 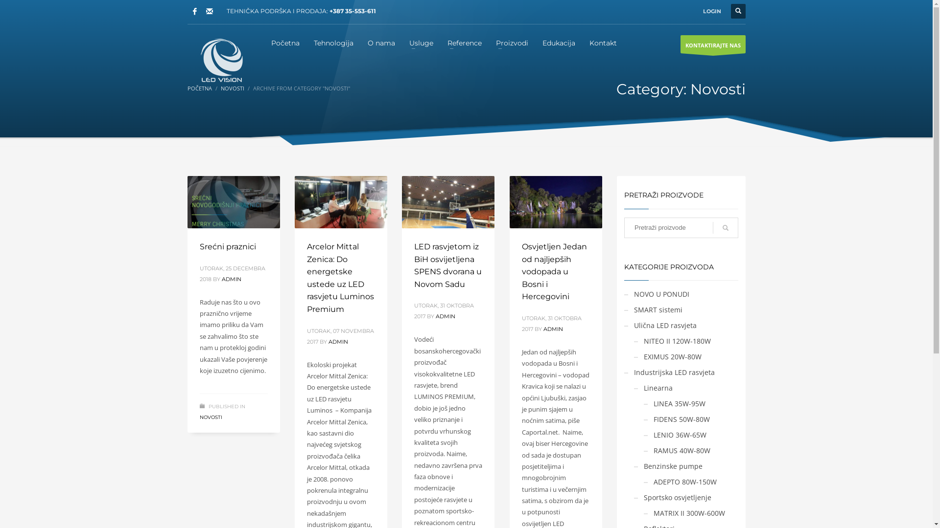 What do you see at coordinates (194, 11) in the screenshot?
I see `'Facebook'` at bounding box center [194, 11].